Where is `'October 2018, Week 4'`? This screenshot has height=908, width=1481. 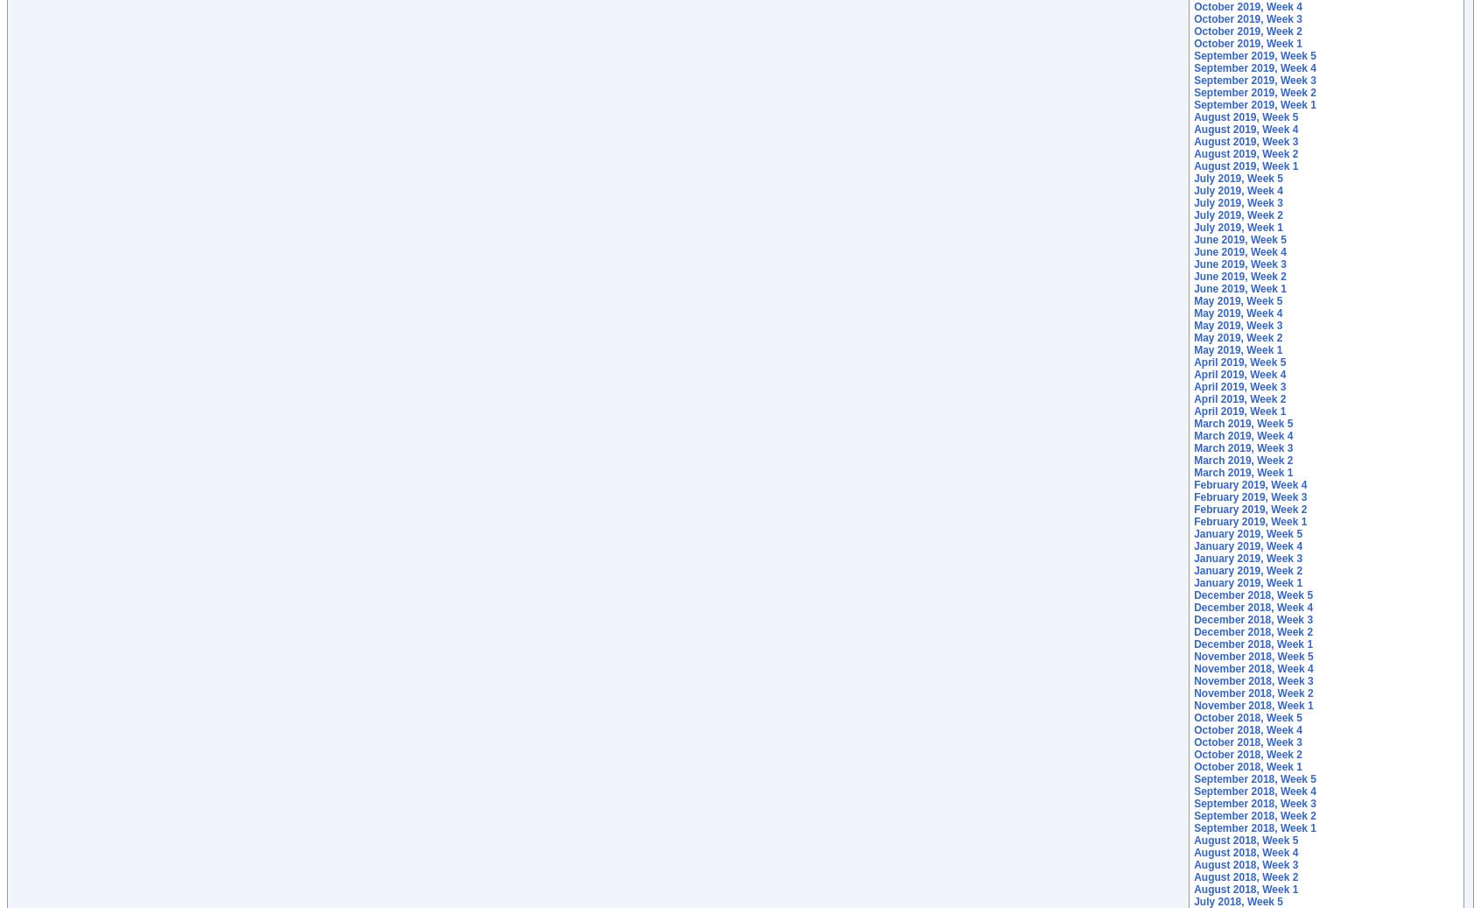 'October 2018, Week 4' is located at coordinates (1193, 729).